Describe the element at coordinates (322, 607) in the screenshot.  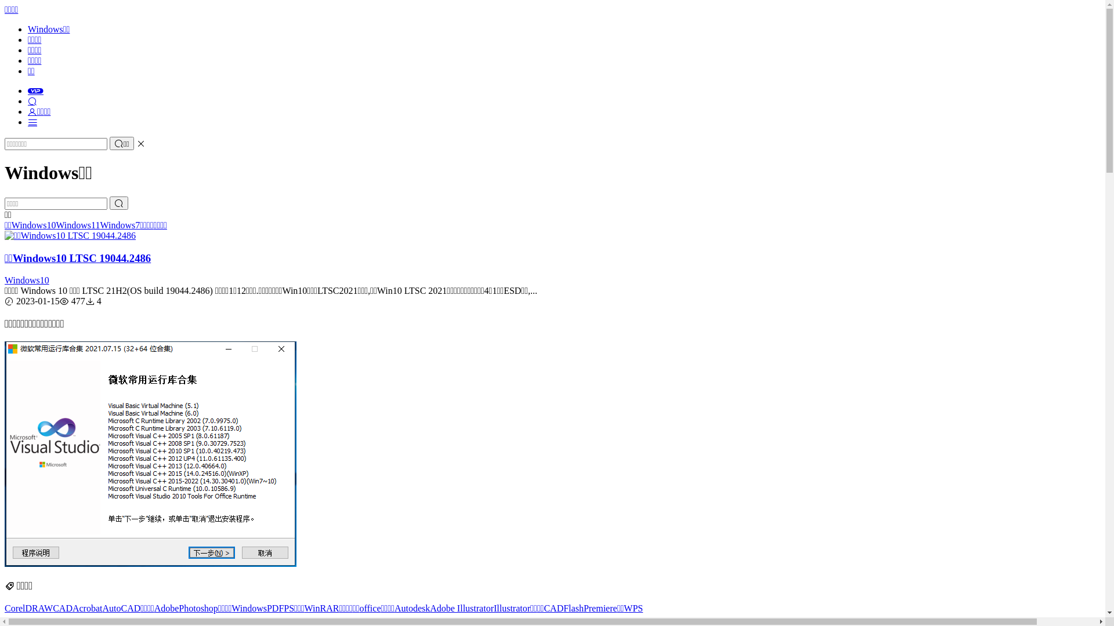
I see `'WinRAR'` at that location.